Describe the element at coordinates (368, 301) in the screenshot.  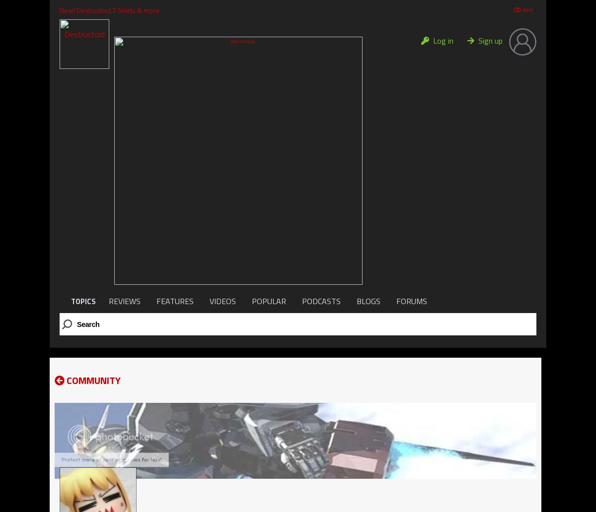
I see `'BLOGS'` at that location.